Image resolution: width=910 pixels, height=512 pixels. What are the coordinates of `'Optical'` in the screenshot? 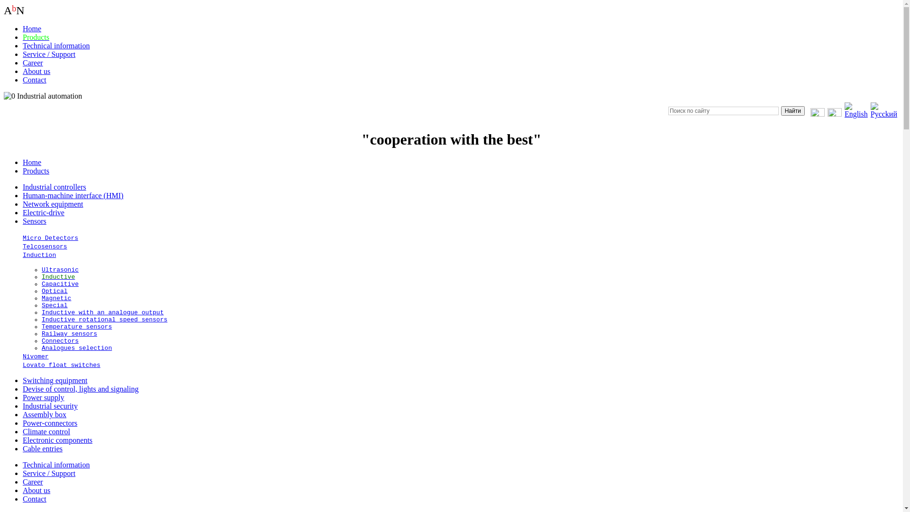 It's located at (54, 291).